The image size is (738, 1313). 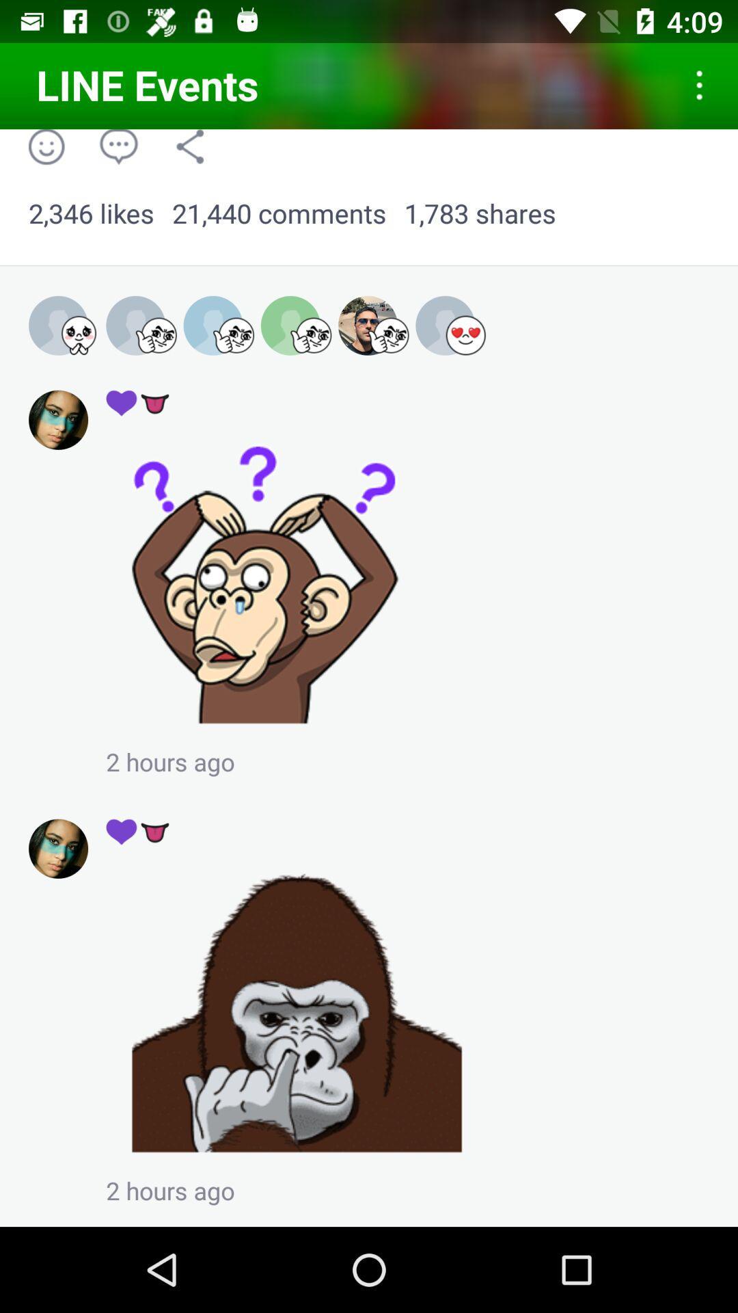 What do you see at coordinates (138, 401) in the screenshot?
I see `move to the second symbol in the second line below the text 2346 likes` at bounding box center [138, 401].